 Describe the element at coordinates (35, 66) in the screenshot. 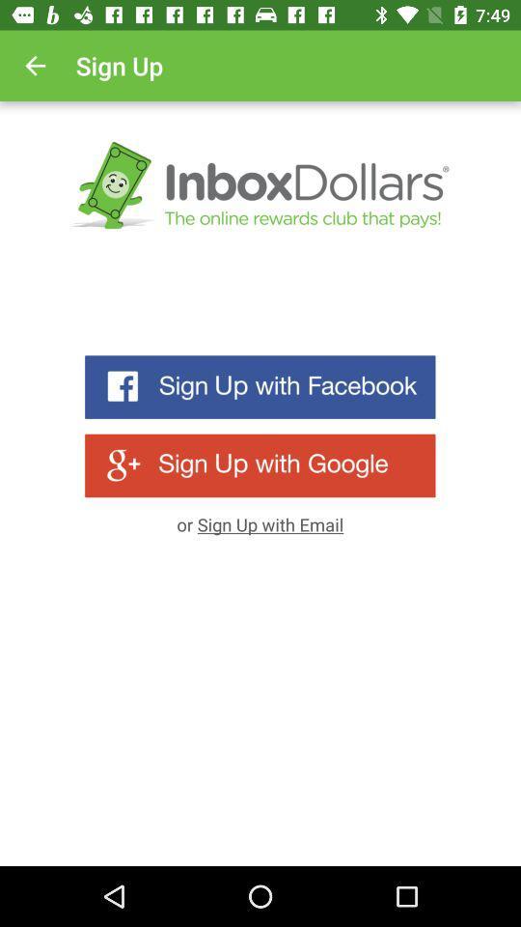

I see `icon next to sign up` at that location.